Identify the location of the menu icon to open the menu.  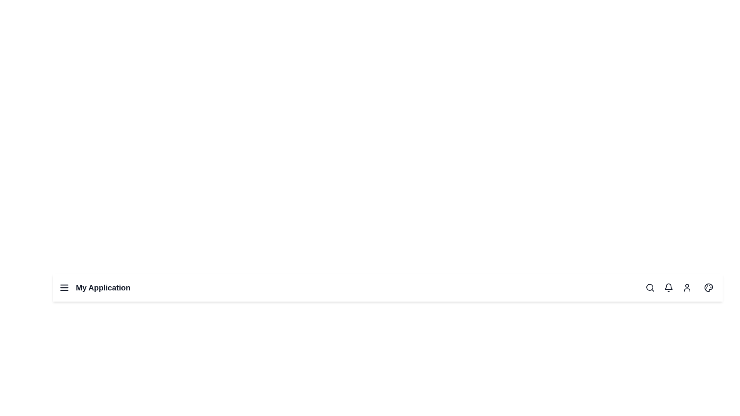
(64, 288).